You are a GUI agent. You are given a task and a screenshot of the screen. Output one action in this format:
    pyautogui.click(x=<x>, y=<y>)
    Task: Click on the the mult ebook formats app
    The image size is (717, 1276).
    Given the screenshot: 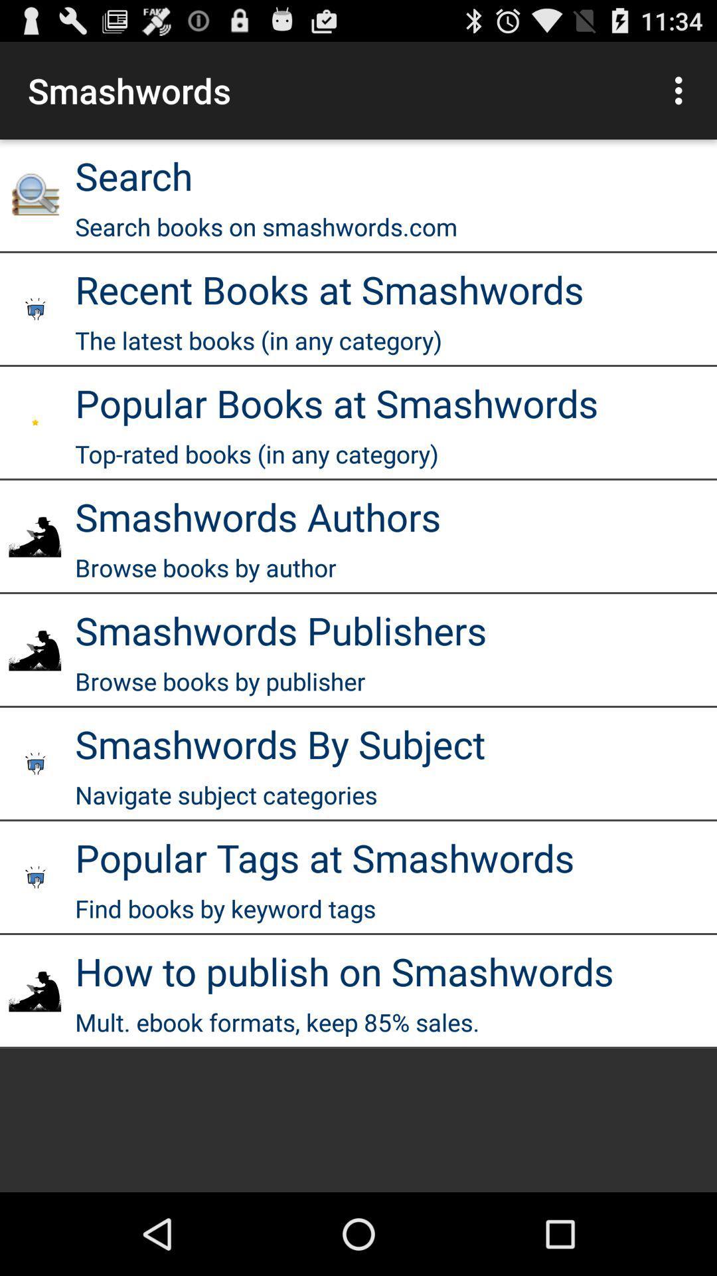 What is the action you would take?
    pyautogui.click(x=276, y=1021)
    